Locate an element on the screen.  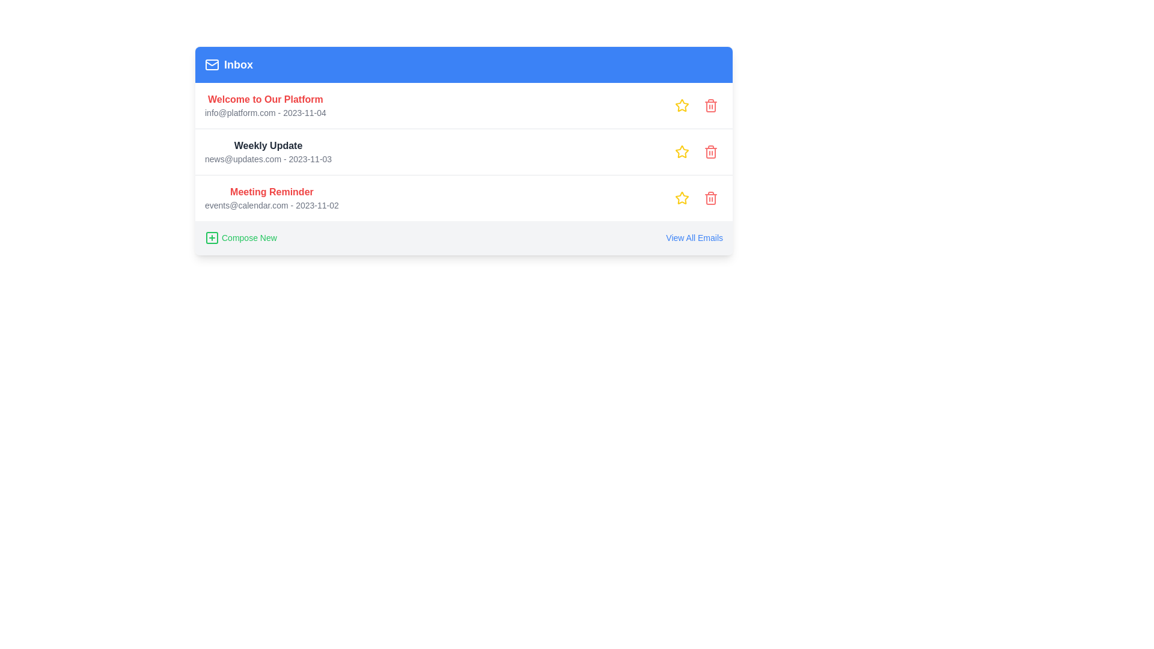
the delete button icon located in the rightmost column of the first row's content is located at coordinates (710, 105).